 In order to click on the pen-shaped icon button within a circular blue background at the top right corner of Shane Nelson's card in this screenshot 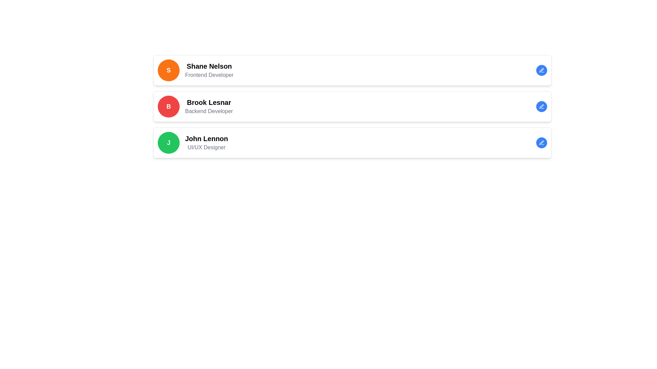, I will do `click(541, 70)`.